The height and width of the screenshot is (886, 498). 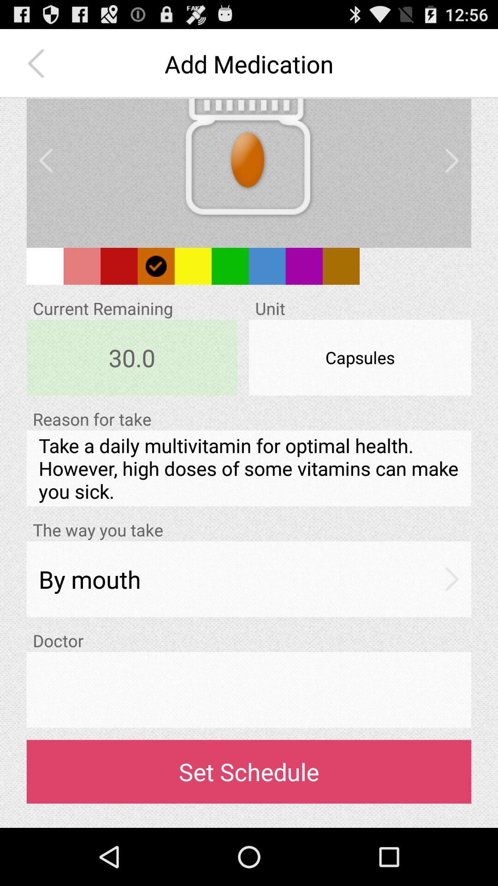 I want to click on the label shown below add medication, so click(x=248, y=166).